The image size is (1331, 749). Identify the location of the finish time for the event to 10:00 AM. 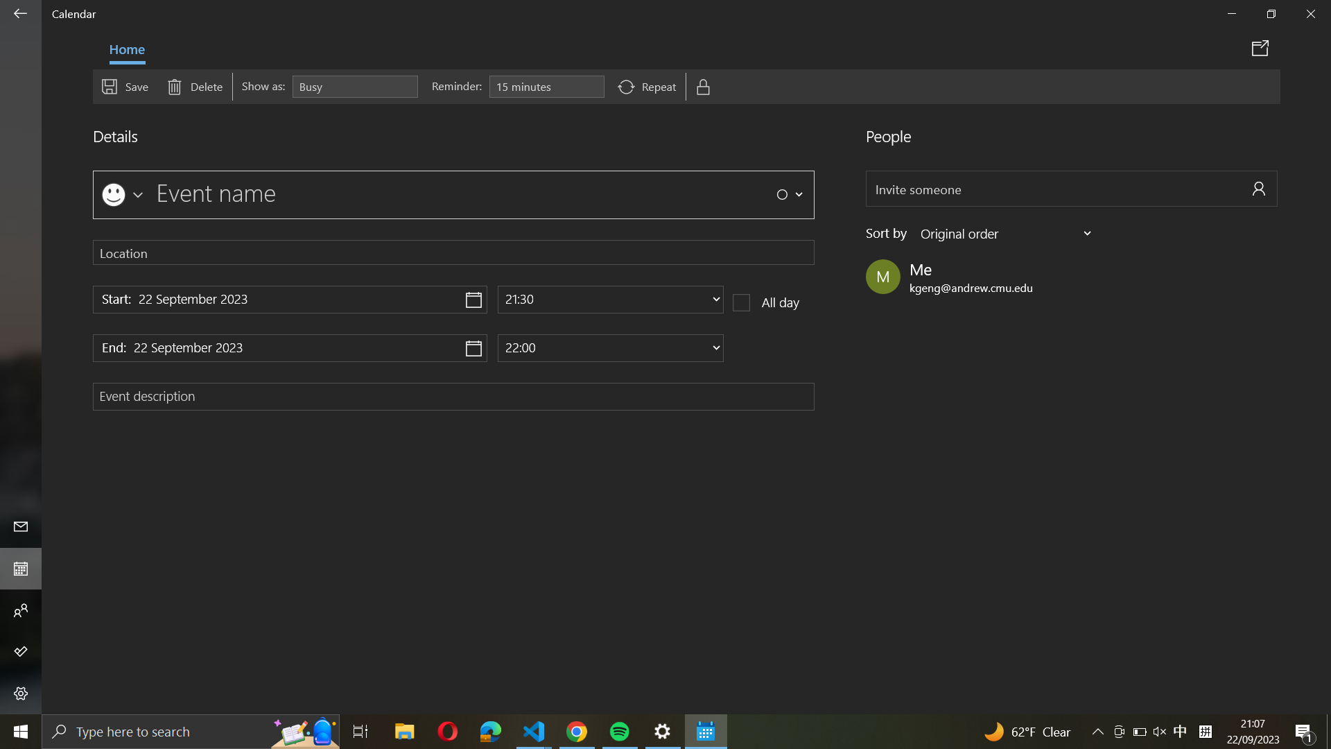
(610, 347).